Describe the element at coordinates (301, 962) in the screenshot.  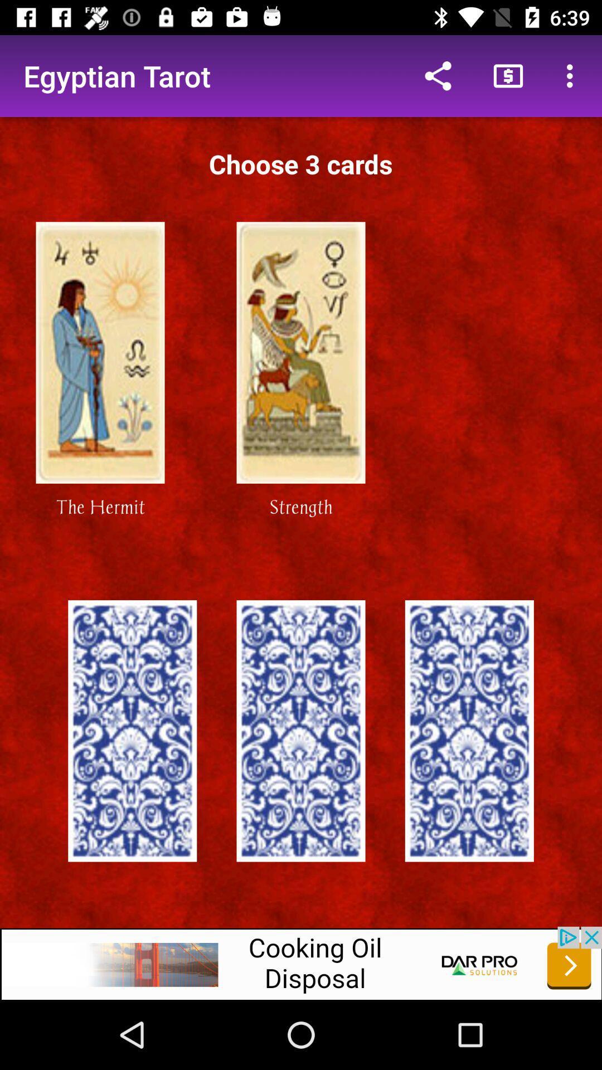
I see `for add` at that location.